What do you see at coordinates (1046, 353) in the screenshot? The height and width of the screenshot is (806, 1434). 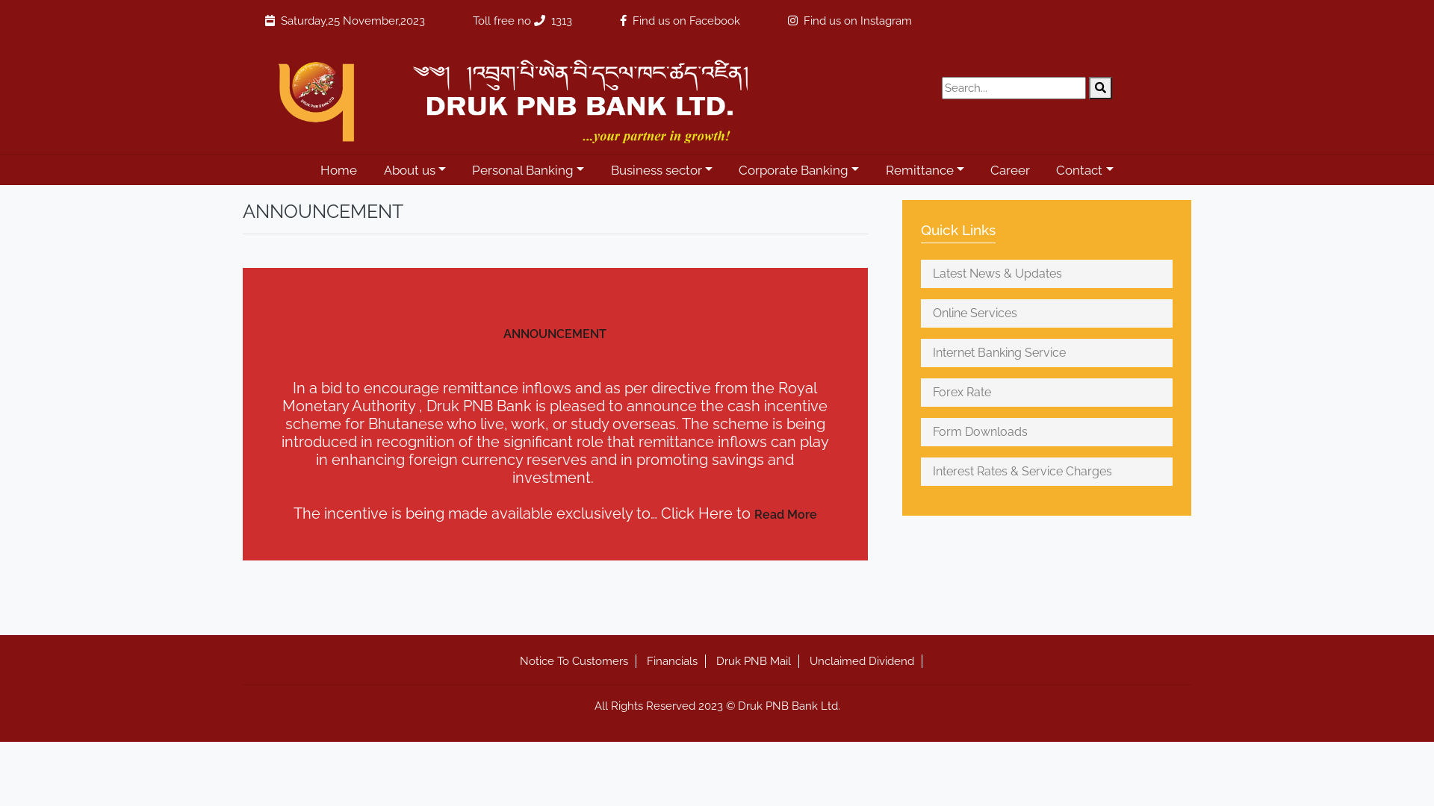 I see `'Internet Banking Service'` at bounding box center [1046, 353].